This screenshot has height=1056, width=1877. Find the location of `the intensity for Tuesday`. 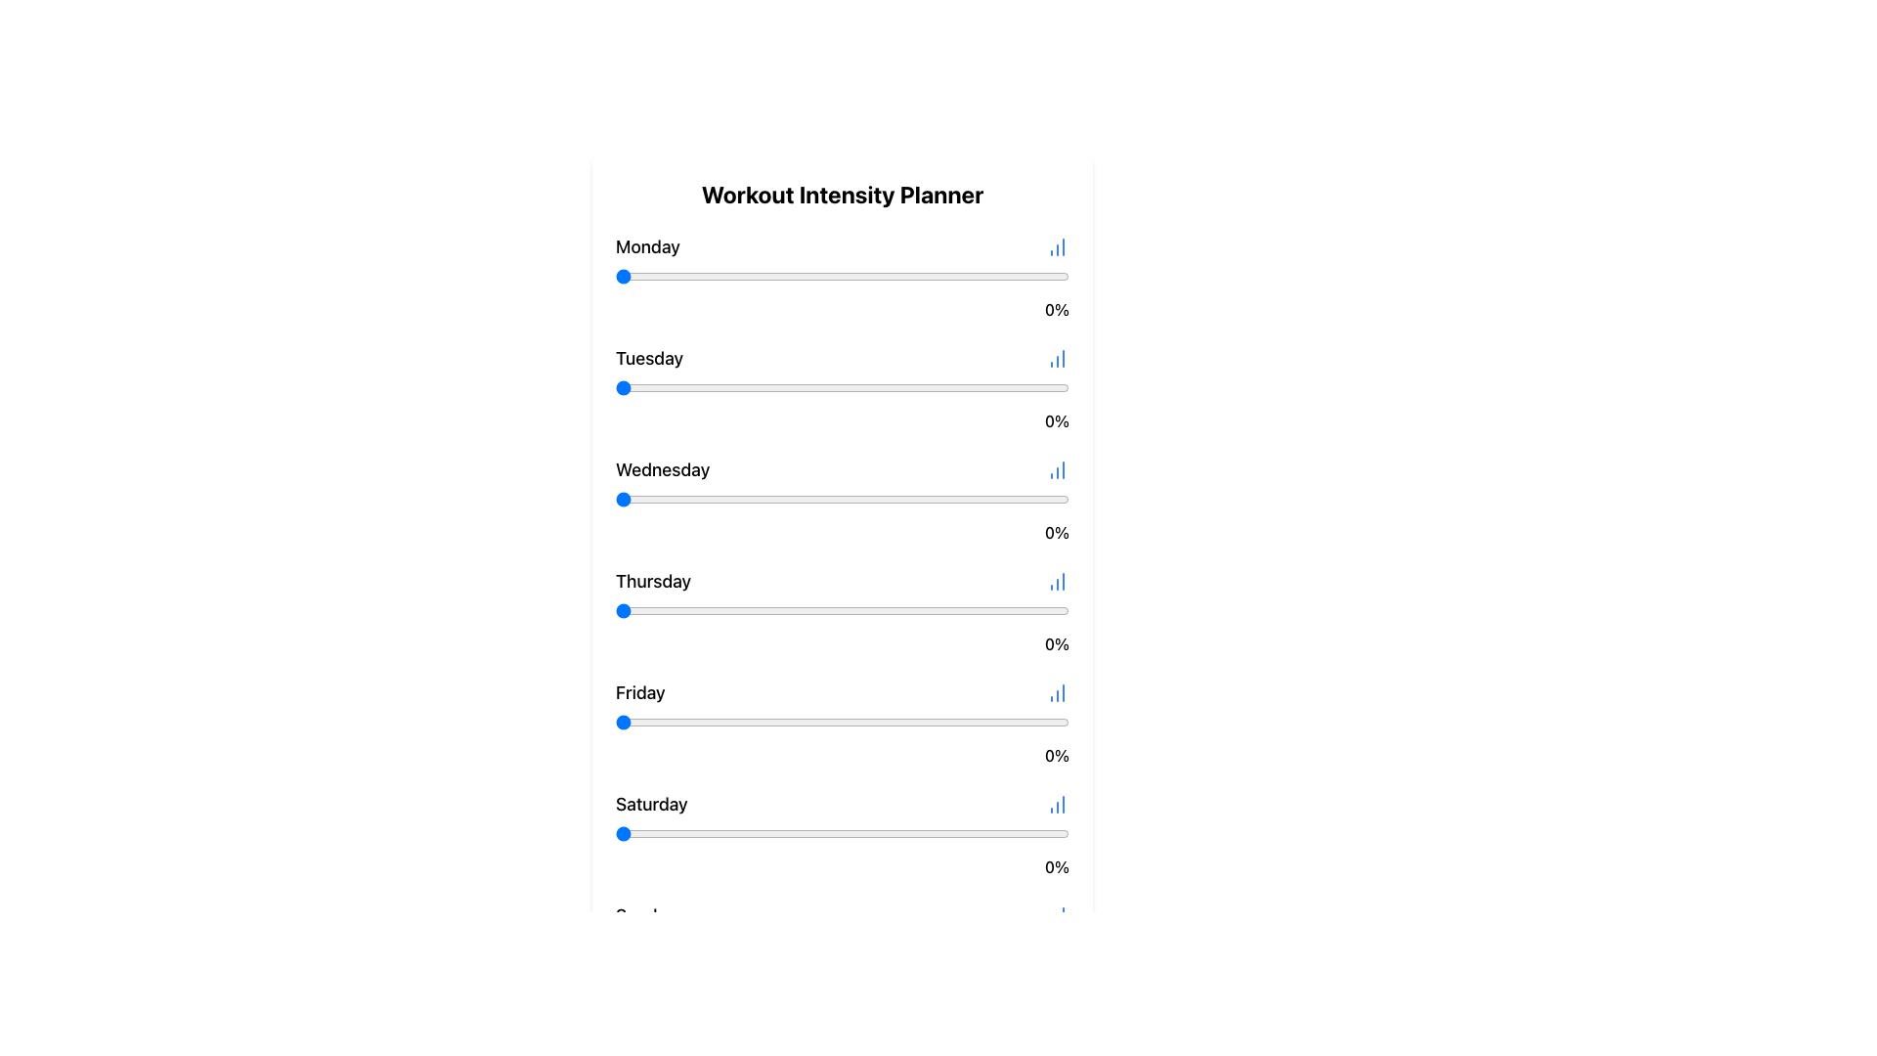

the intensity for Tuesday is located at coordinates (768, 388).